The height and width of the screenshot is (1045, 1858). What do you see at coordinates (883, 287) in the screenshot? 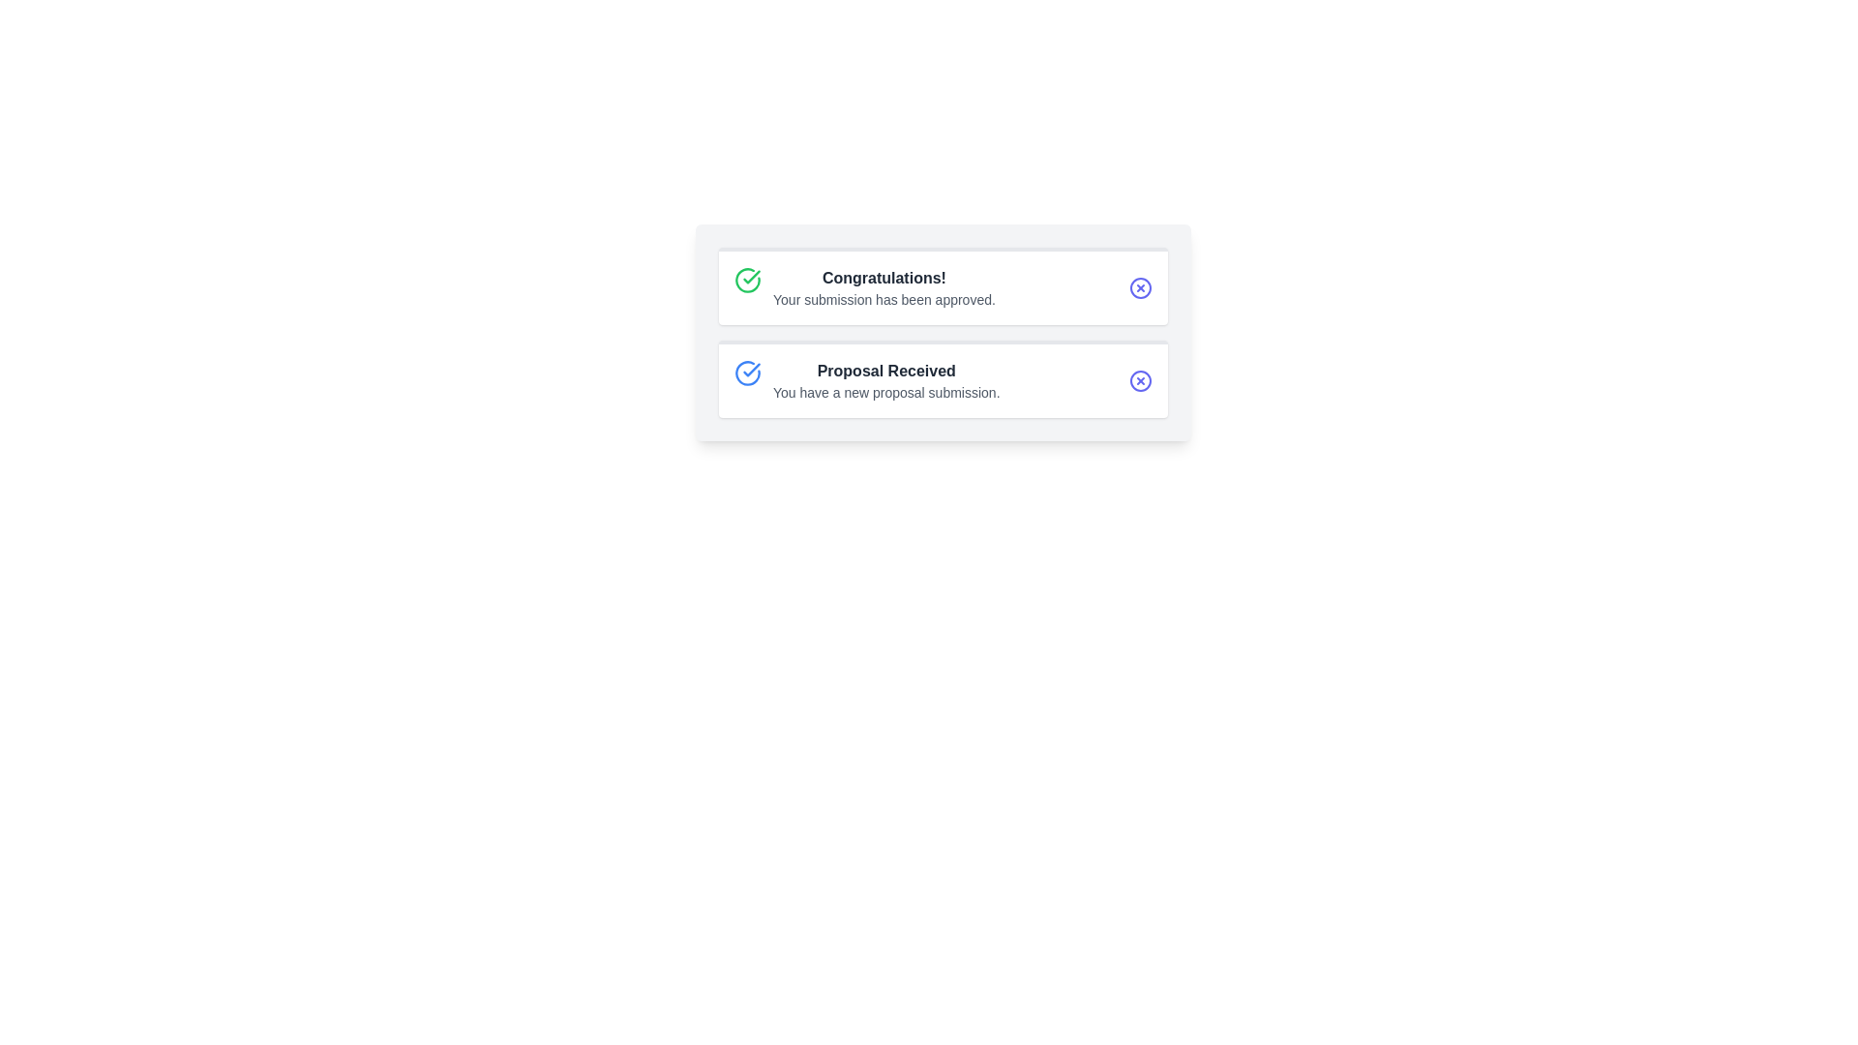
I see `congratulatory message displayed in the text block located at the center-right of the upper notification card, next to the approval icon and before the interactive close button` at bounding box center [883, 287].